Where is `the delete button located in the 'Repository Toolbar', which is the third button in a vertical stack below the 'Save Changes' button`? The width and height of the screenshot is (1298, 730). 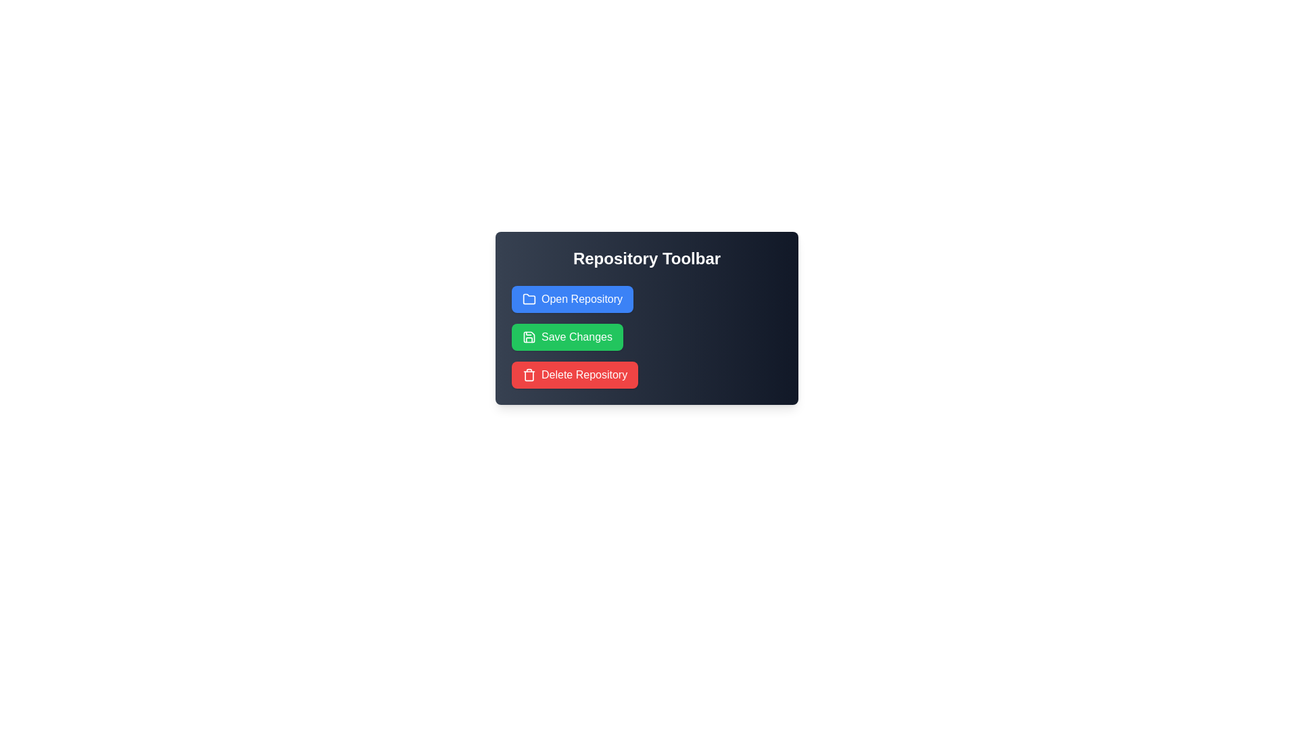 the delete button located in the 'Repository Toolbar', which is the third button in a vertical stack below the 'Save Changes' button is located at coordinates (575, 375).